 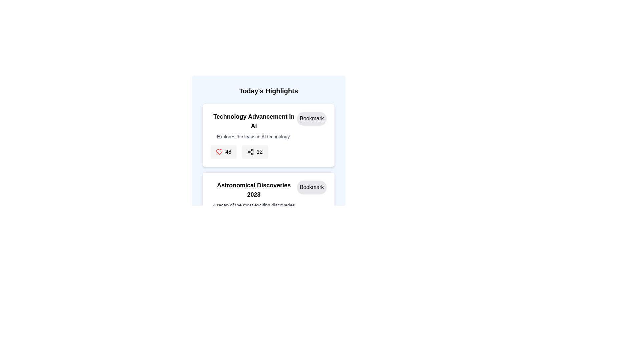 I want to click on the bookmark button located on the right side of the content block labeled 'Technology Advancement in AI', so click(x=311, y=118).